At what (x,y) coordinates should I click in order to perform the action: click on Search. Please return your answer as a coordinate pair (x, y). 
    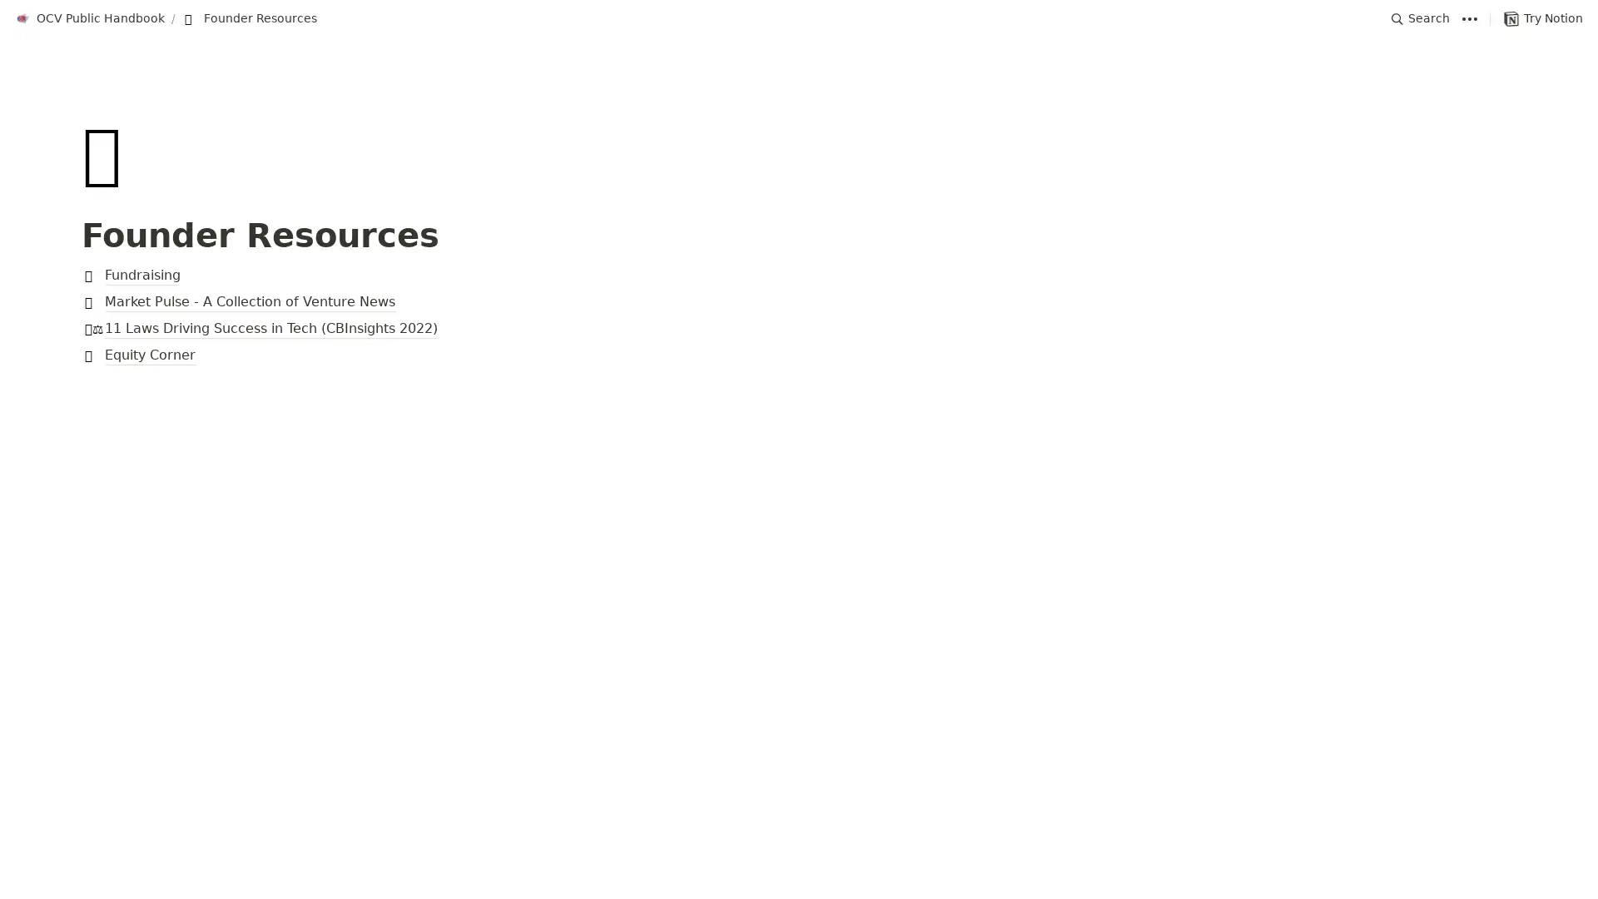
    Looking at the image, I should click on (1420, 18).